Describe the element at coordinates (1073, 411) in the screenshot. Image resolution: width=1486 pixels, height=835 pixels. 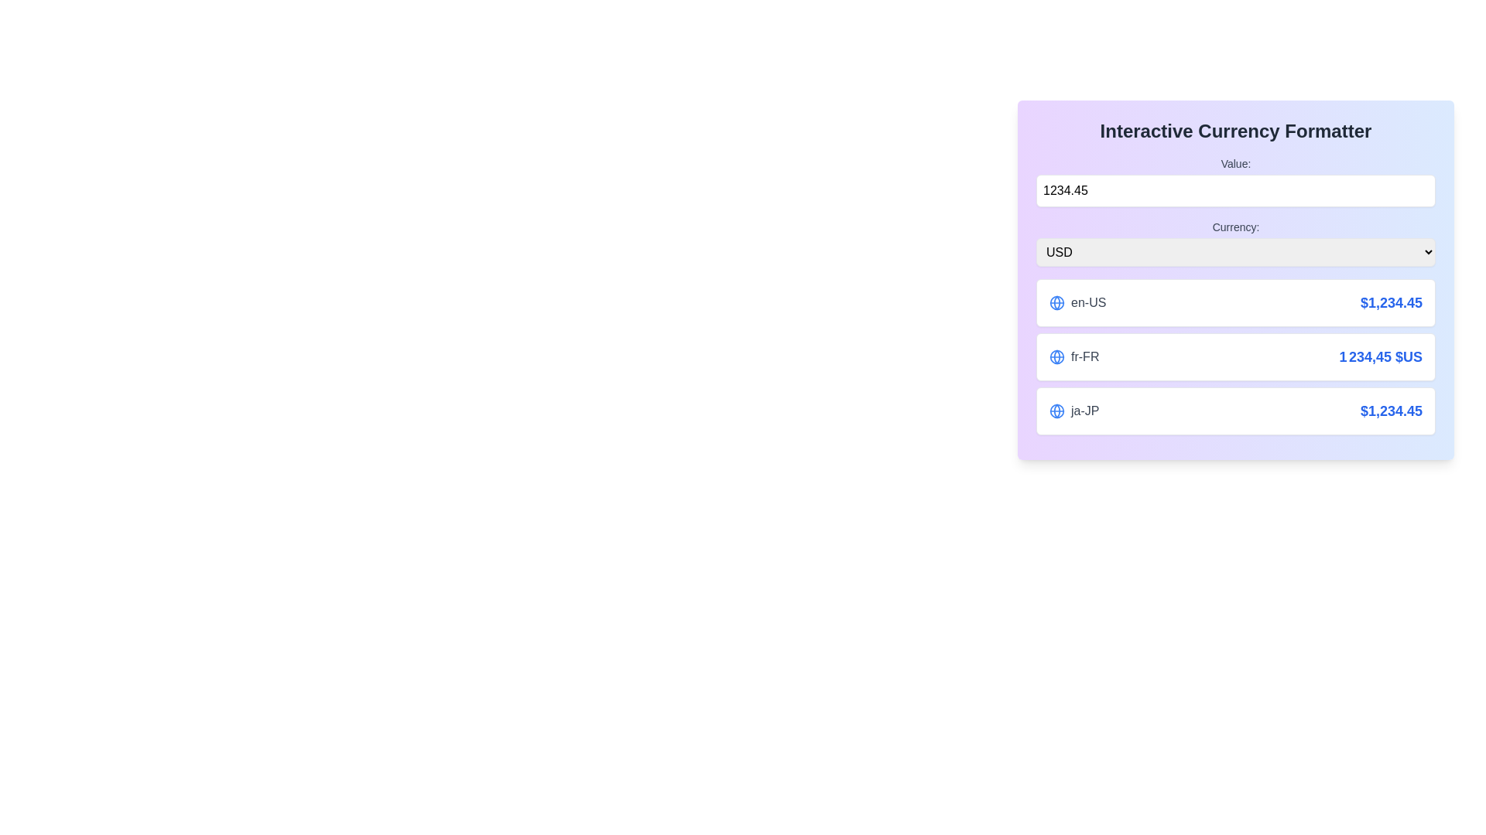
I see `the Japanese (Japan) icon-text pair` at that location.